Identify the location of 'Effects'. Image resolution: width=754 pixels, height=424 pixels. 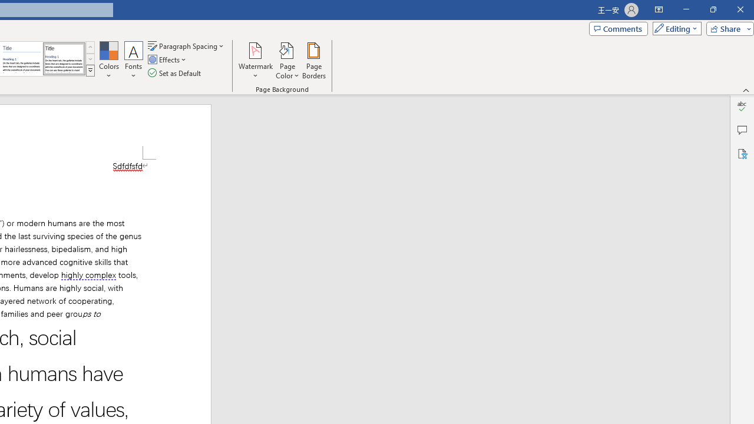
(167, 59).